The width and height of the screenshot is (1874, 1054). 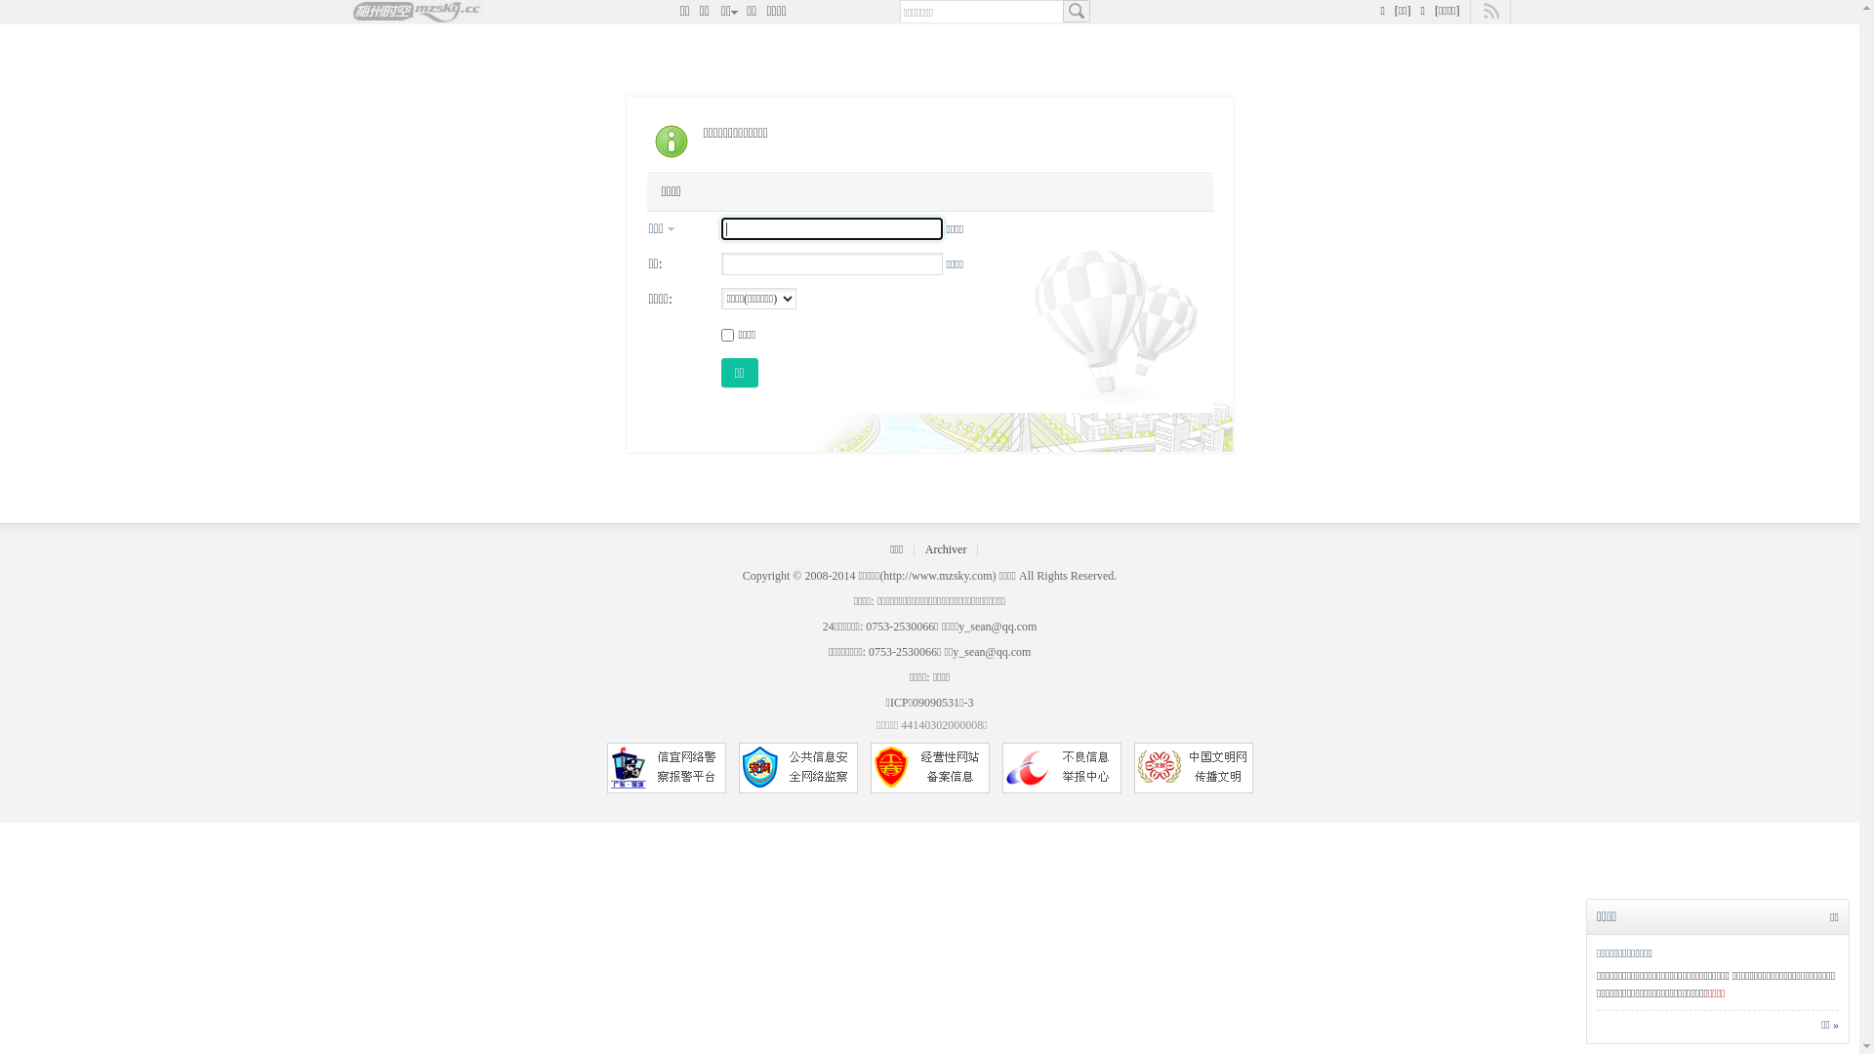 I want to click on '    ', so click(x=1075, y=11).